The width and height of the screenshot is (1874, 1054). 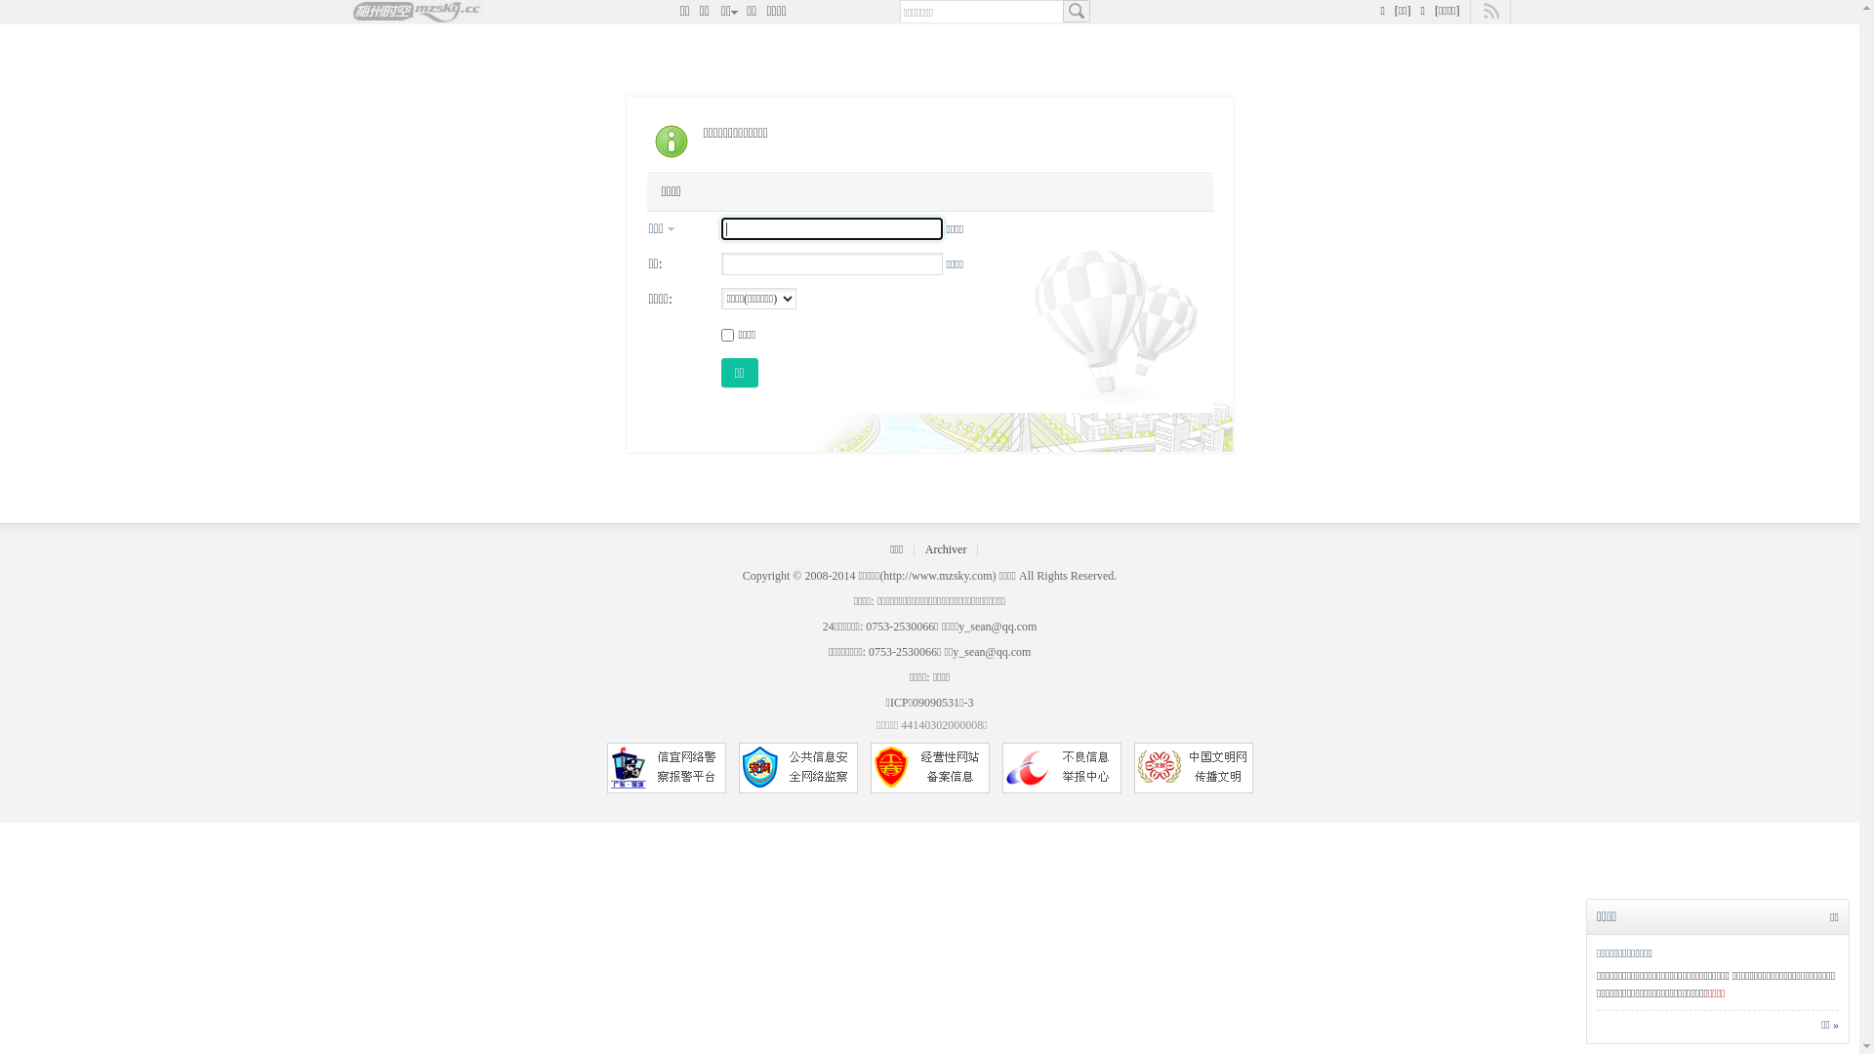 I want to click on '    ', so click(x=1075, y=11).